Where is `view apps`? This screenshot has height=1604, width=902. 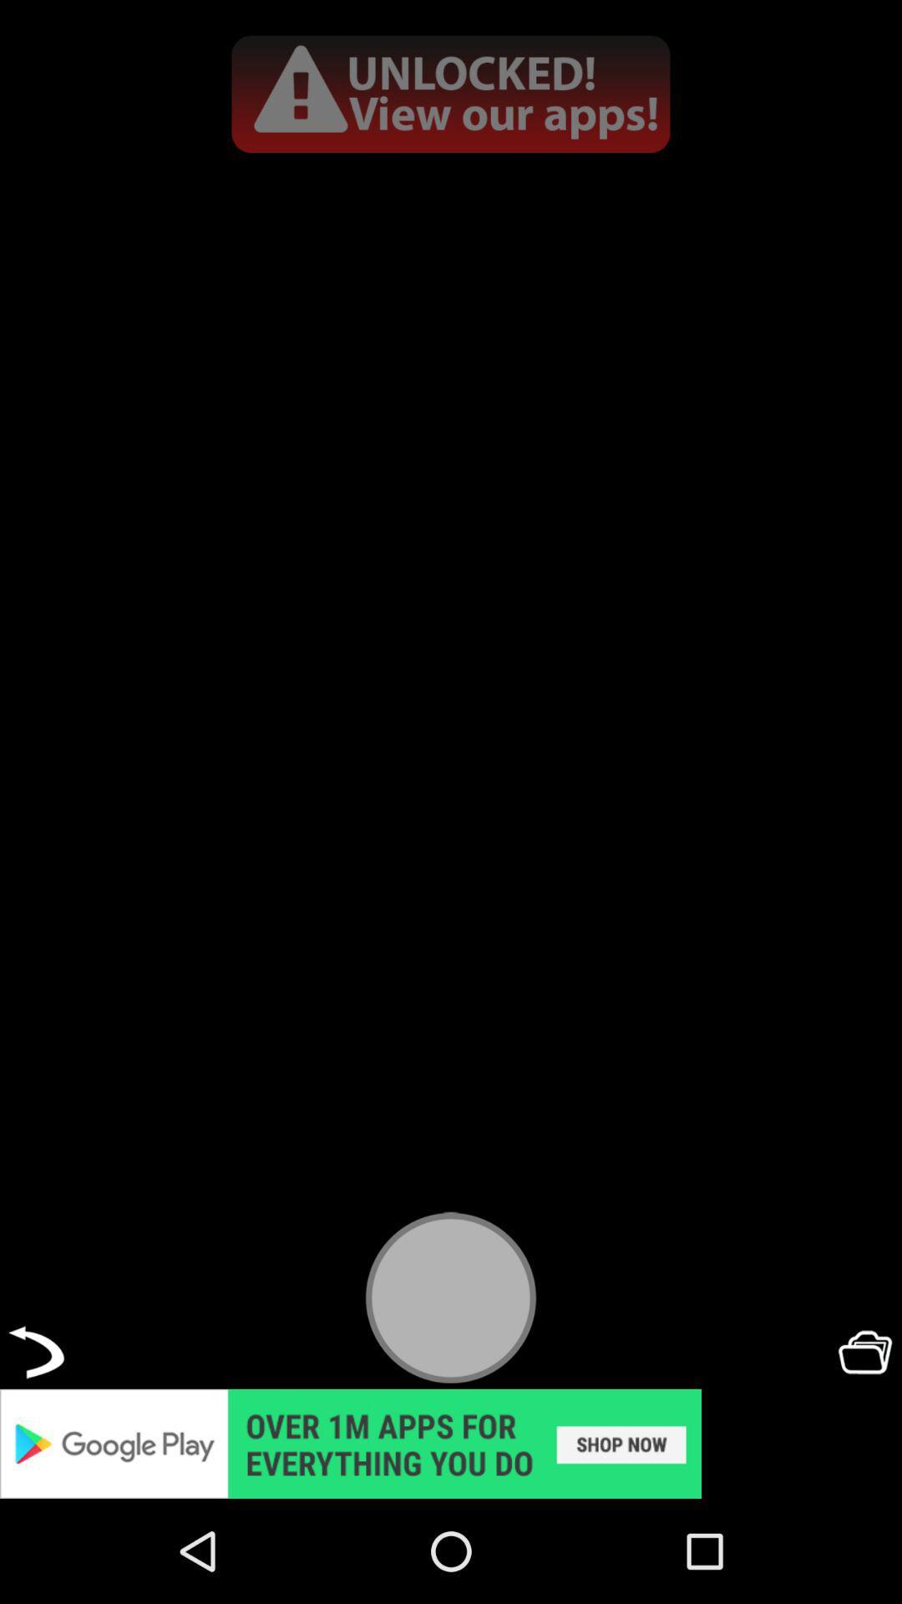
view apps is located at coordinates (451, 93).